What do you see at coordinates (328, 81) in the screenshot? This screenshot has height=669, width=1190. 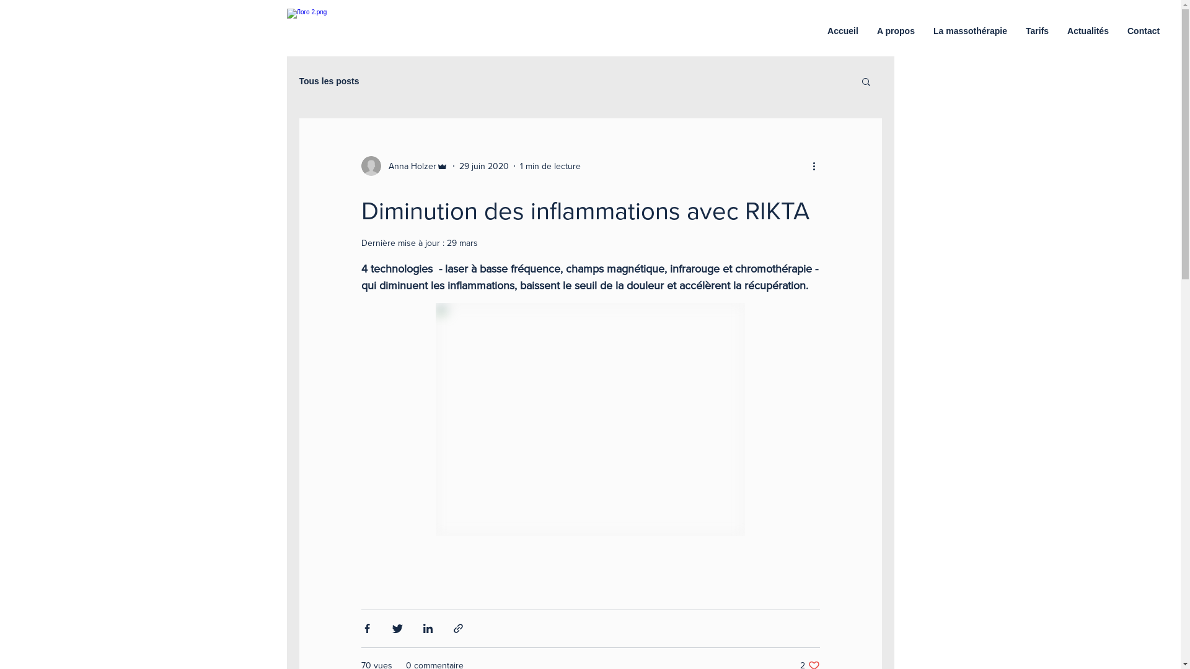 I see `'Tous les posts'` at bounding box center [328, 81].